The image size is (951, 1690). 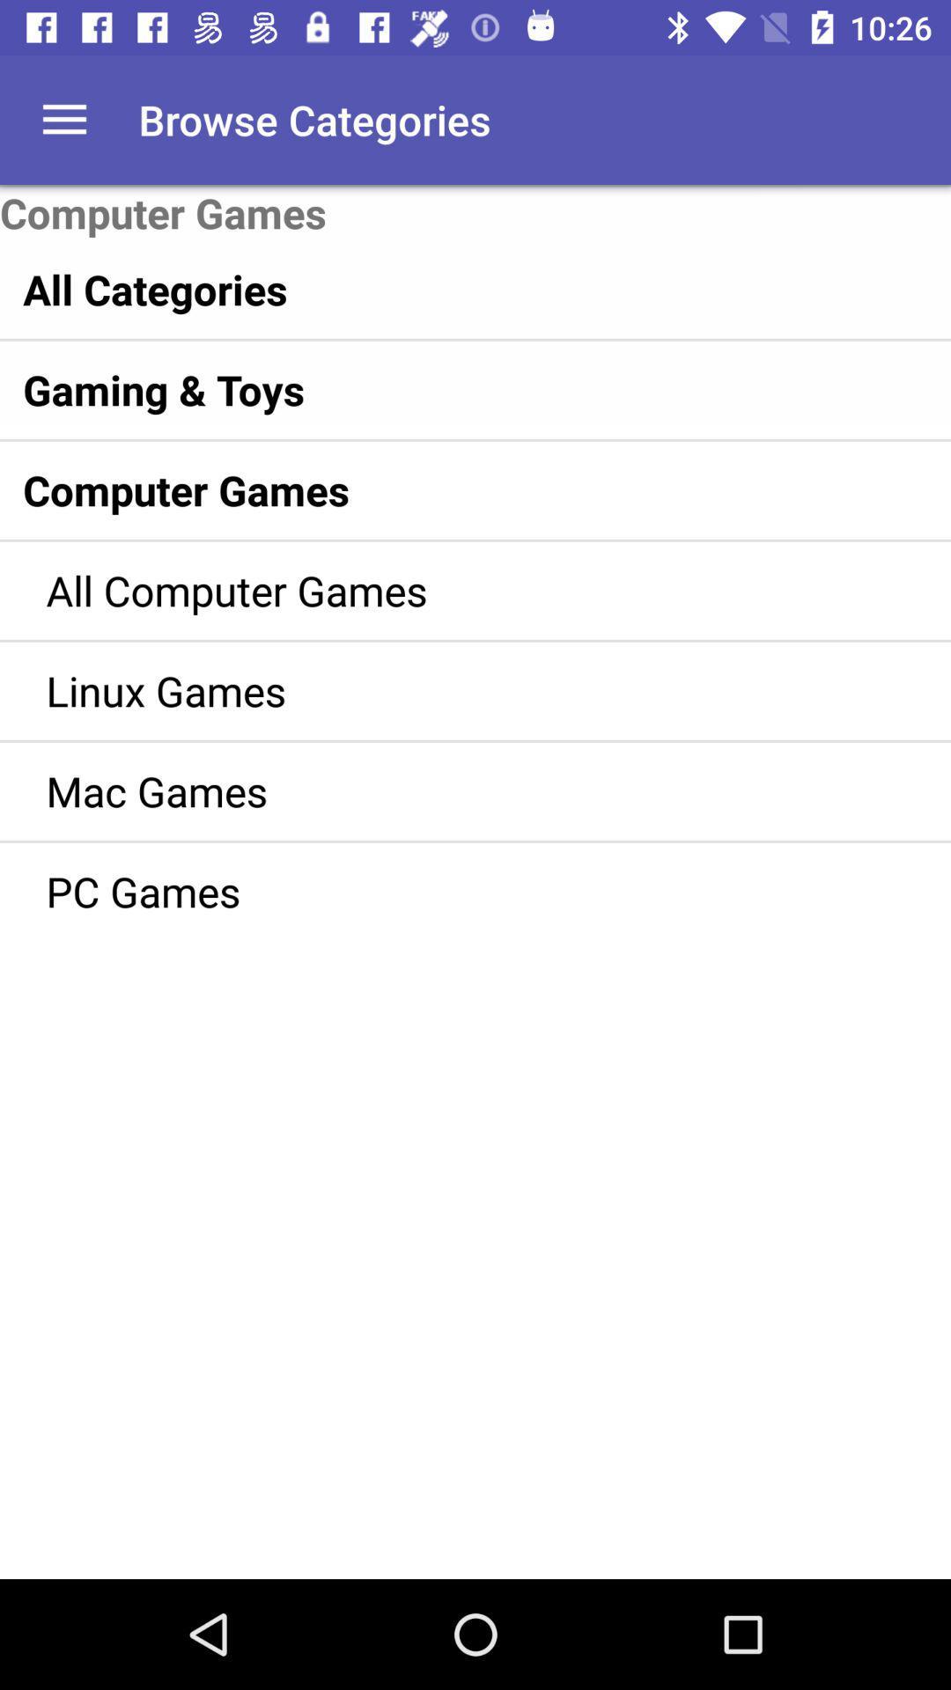 What do you see at coordinates (437, 388) in the screenshot?
I see `item below all categories item` at bounding box center [437, 388].